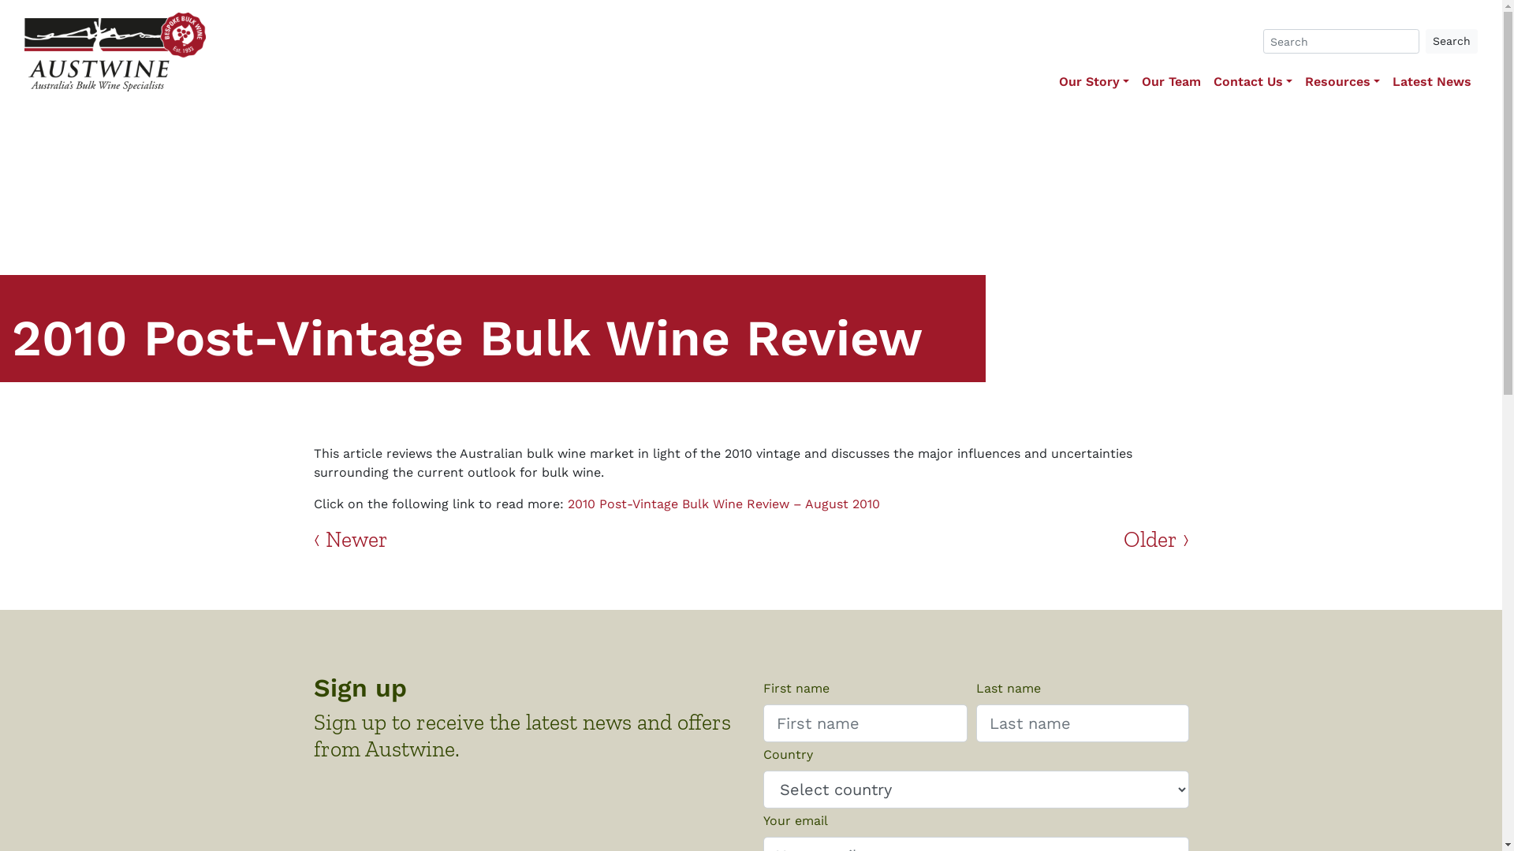 This screenshot has width=1514, height=851. Describe the element at coordinates (1052, 82) in the screenshot. I see `'Our Story'` at that location.